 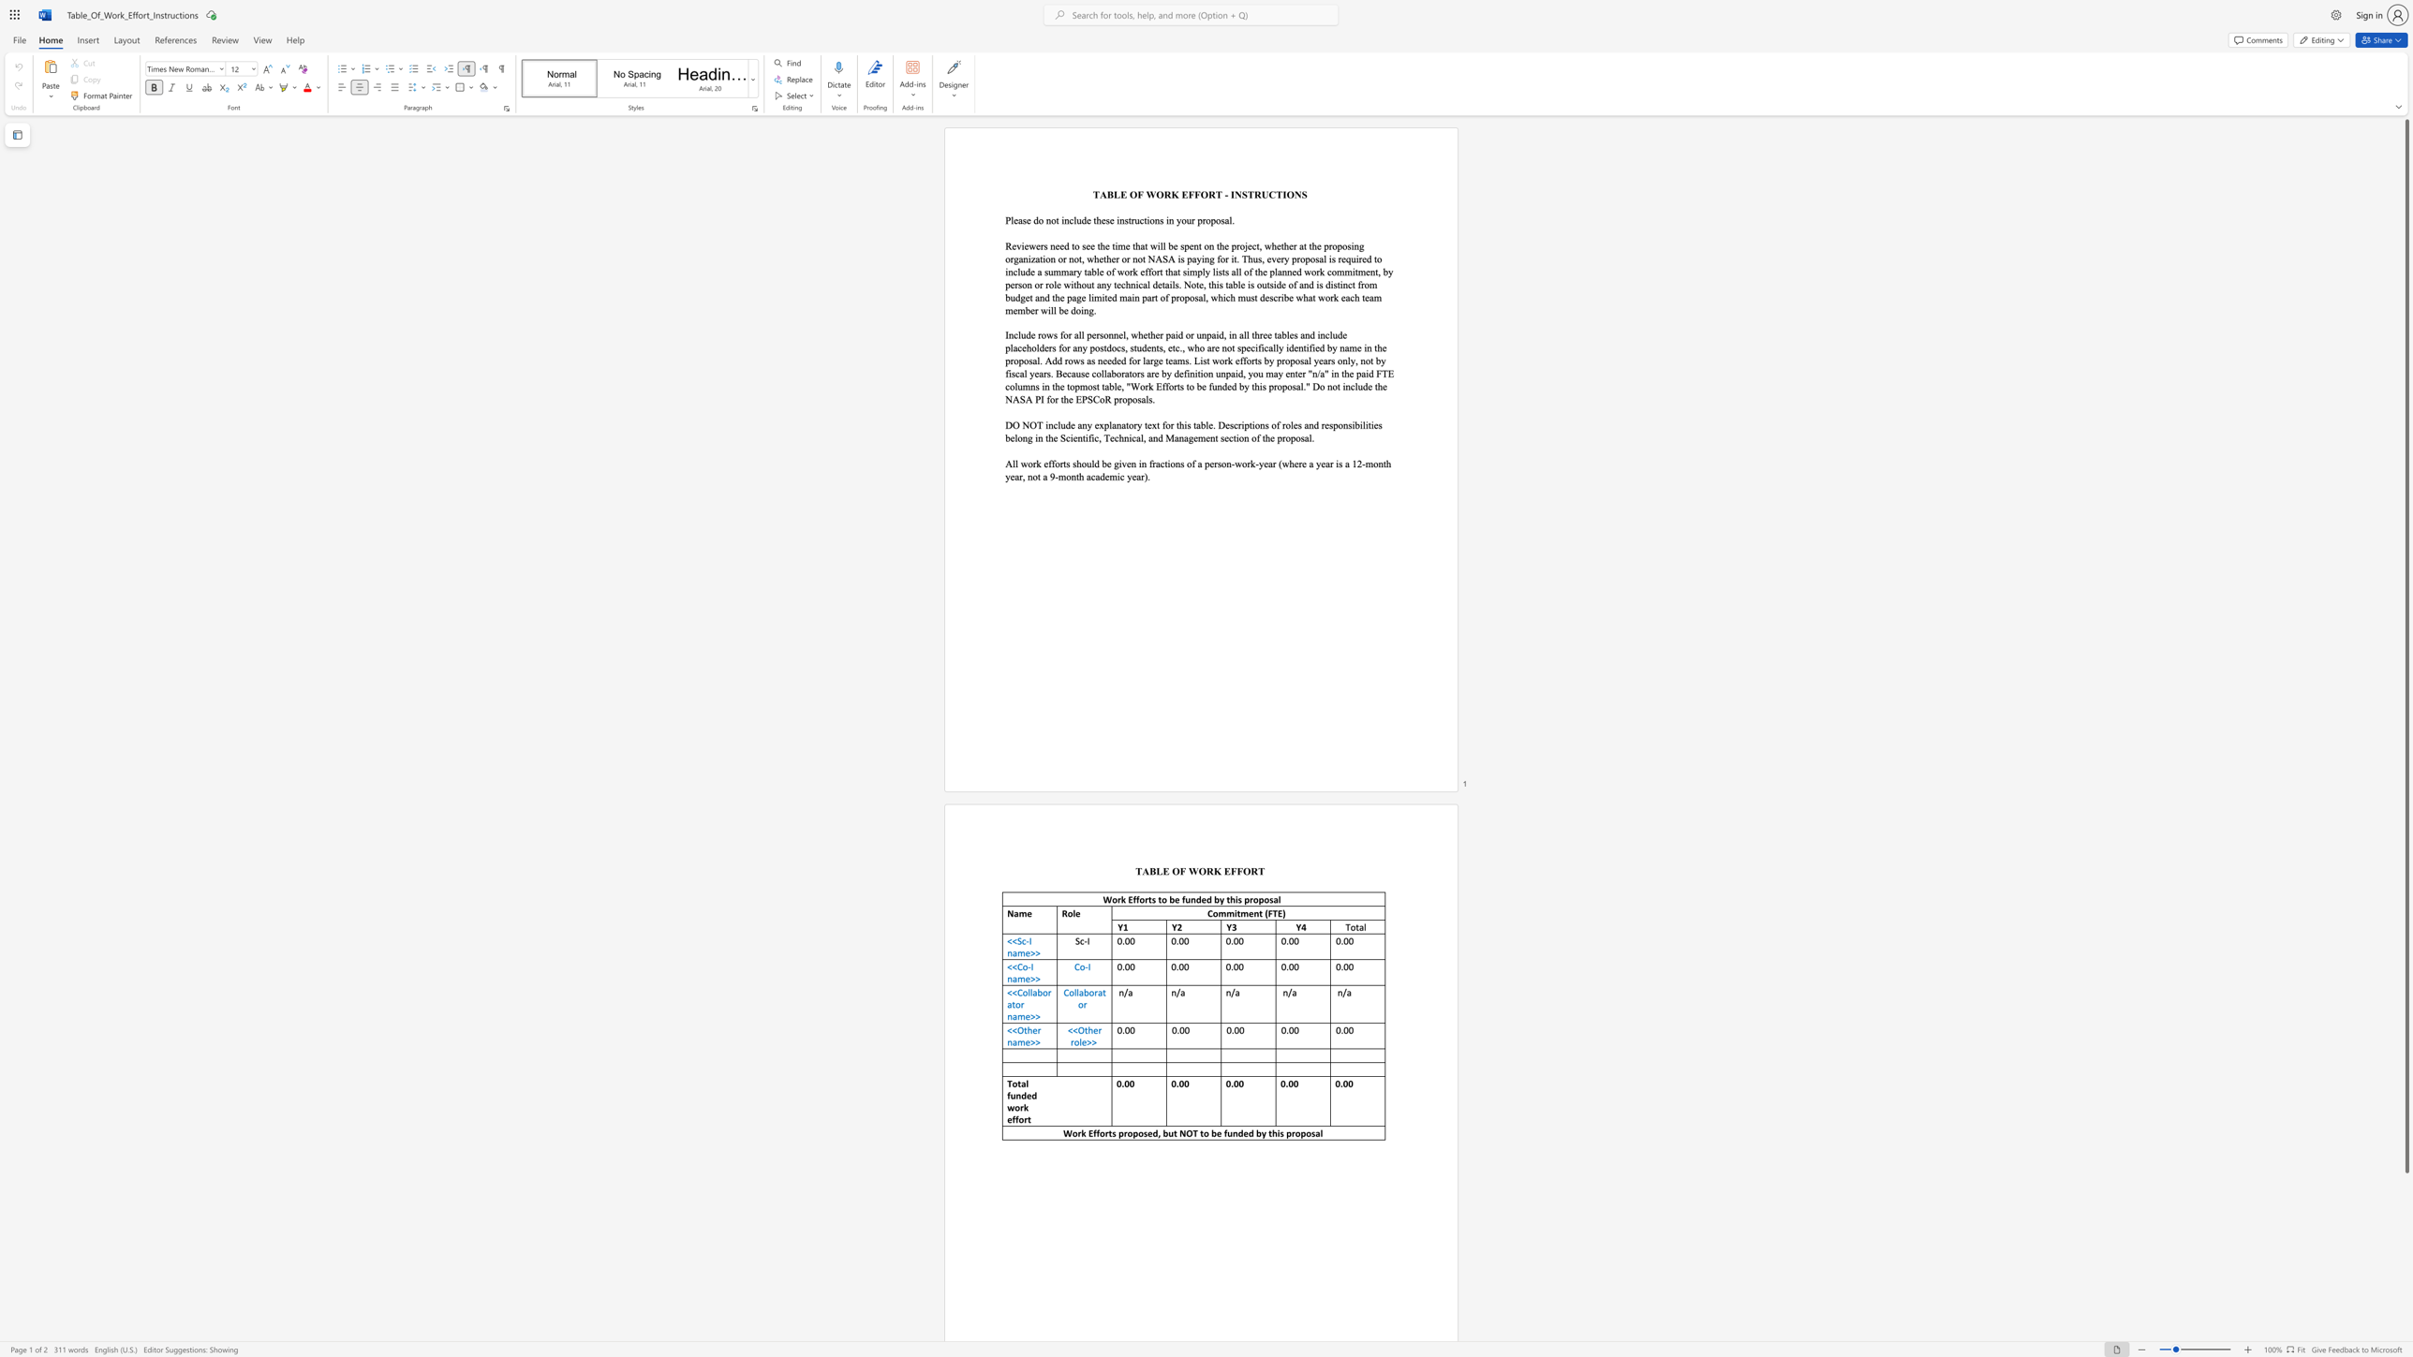 What do you see at coordinates (2406, 1312) in the screenshot?
I see `the side scrollbar to bring the page down` at bounding box center [2406, 1312].